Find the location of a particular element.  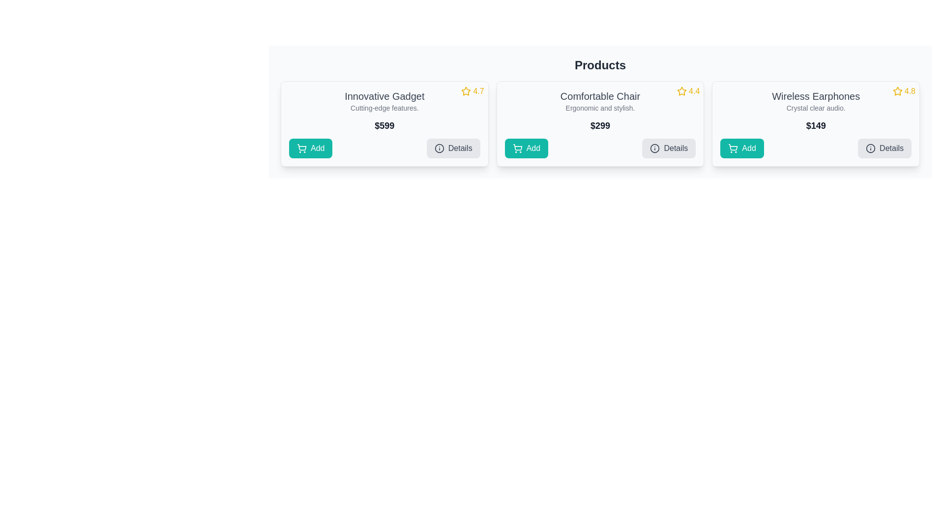

the text label displaying 'Wireless Earphones' located at the top of the rightmost product card, which is styled in bold and positioned above the descriptive text 'Crystal clear audio.' and below the rating icon '4.8' is located at coordinates (816, 96).